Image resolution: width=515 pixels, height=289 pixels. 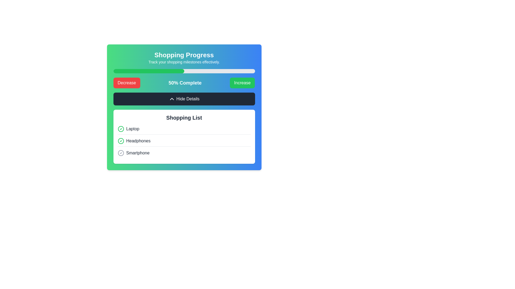 I want to click on the chevron icon within the 'Hide Details' button to interact and conceal details, so click(x=172, y=99).